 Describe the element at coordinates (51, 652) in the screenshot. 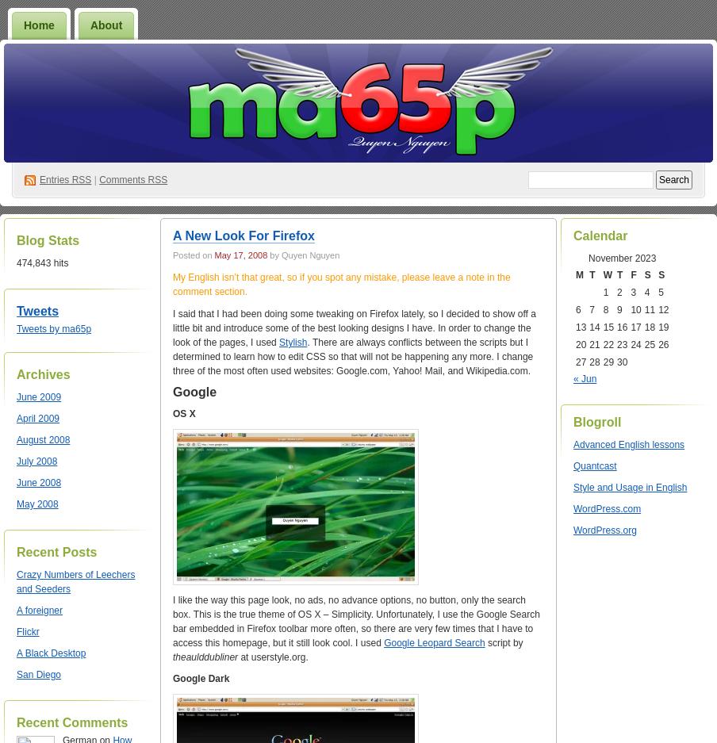

I see `'A Black Desktop'` at that location.